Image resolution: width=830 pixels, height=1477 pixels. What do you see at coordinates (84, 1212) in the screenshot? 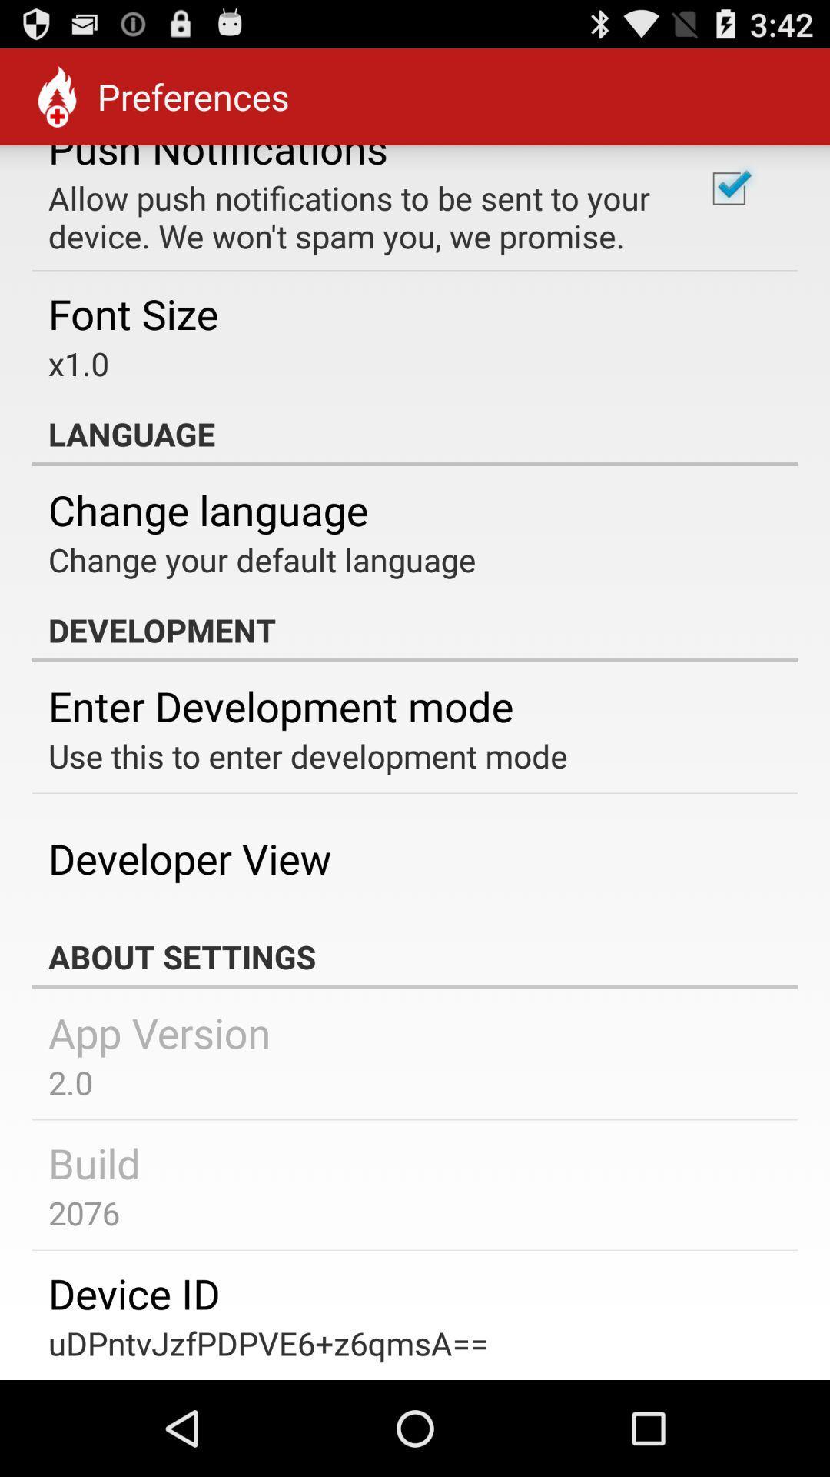
I see `app below the build` at bounding box center [84, 1212].